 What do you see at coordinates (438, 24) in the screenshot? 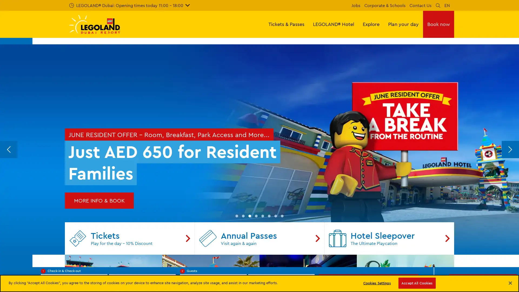
I see `Book now` at bounding box center [438, 24].